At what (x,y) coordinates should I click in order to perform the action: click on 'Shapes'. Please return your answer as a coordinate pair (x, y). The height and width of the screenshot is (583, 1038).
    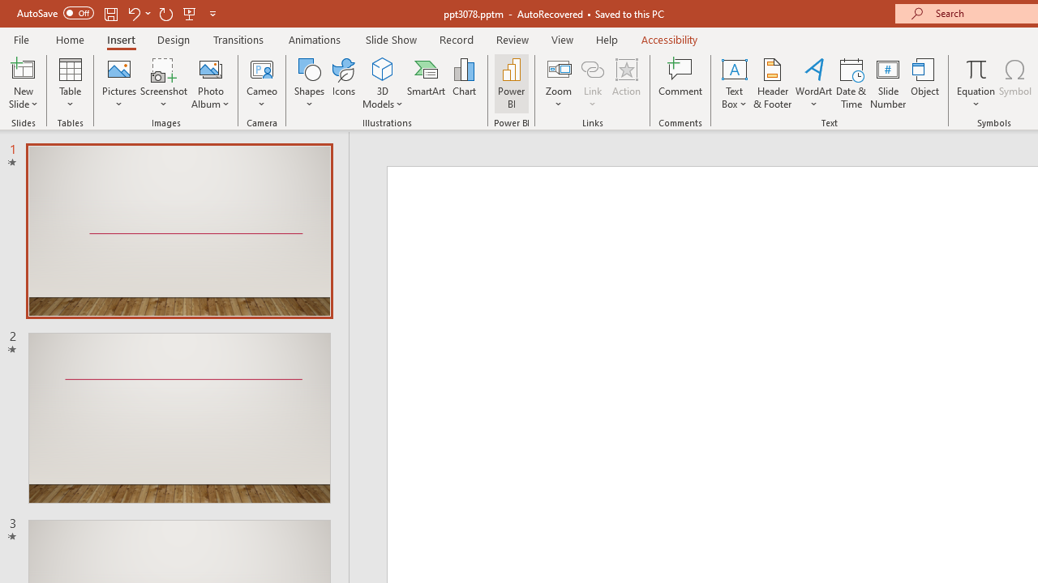
    Looking at the image, I should click on (310, 83).